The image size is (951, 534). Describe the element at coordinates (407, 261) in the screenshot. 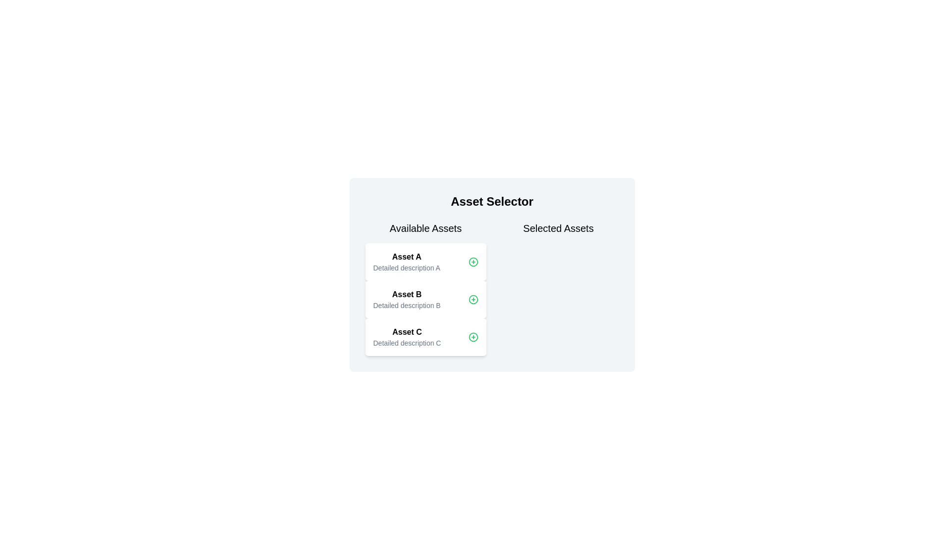

I see `the text label displaying information about 'Asset A' in the 'Available Assets' column` at that location.